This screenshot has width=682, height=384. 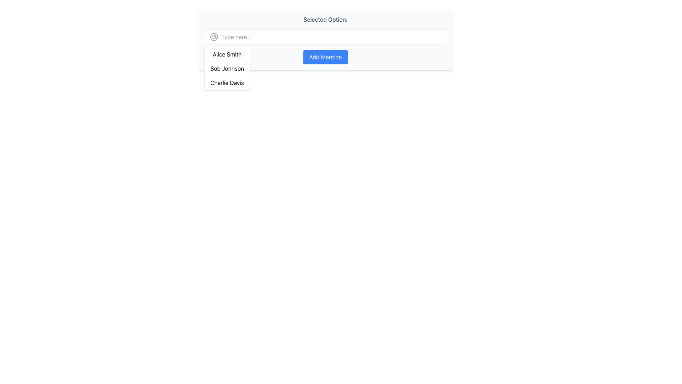 What do you see at coordinates (227, 68) in the screenshot?
I see `the dropdown menu containing the names 'Alice Smith', 'Bob Johnson', and 'Charlie Davis', which is located below the 'Type here...' text input` at bounding box center [227, 68].